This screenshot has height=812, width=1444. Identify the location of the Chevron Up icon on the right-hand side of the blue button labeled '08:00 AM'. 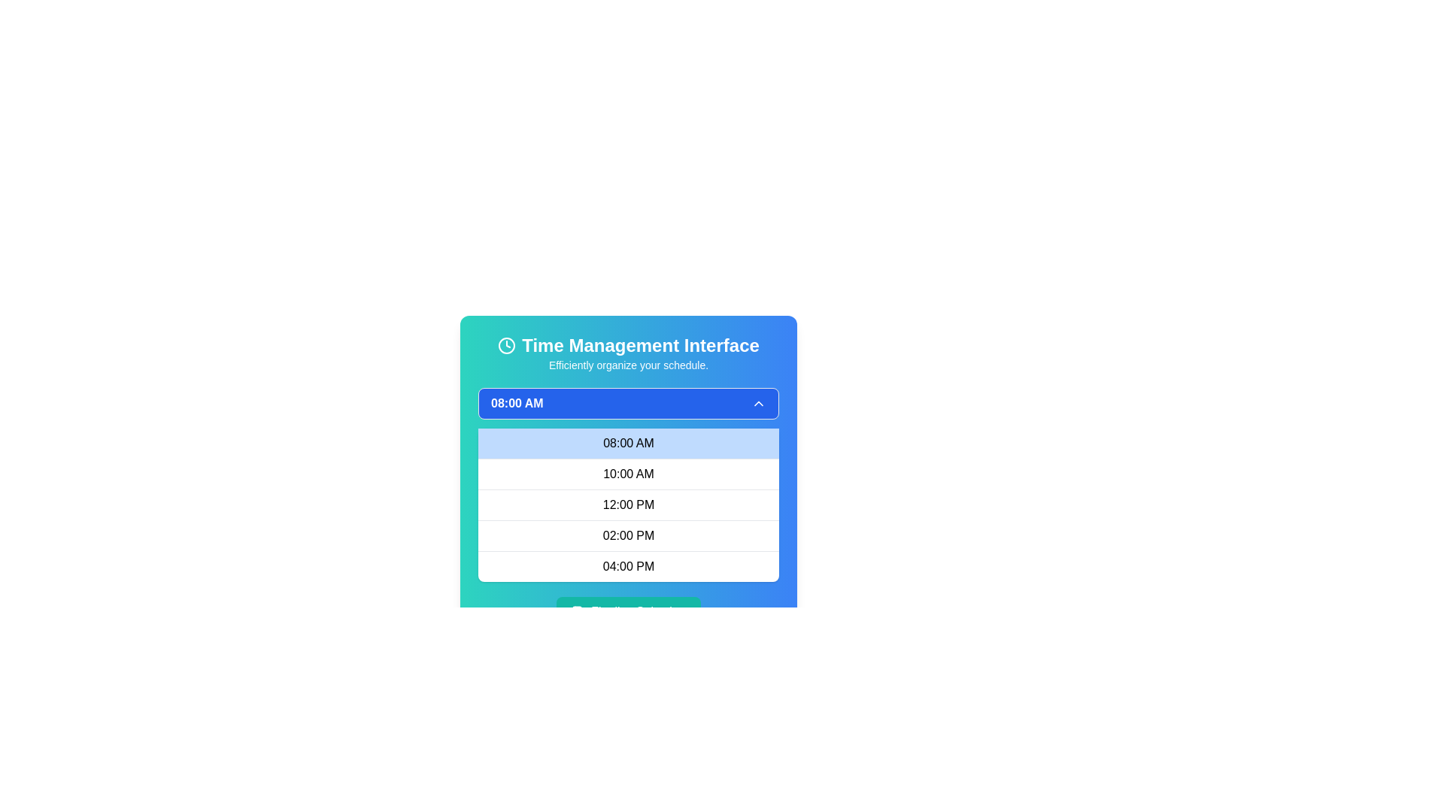
(758, 402).